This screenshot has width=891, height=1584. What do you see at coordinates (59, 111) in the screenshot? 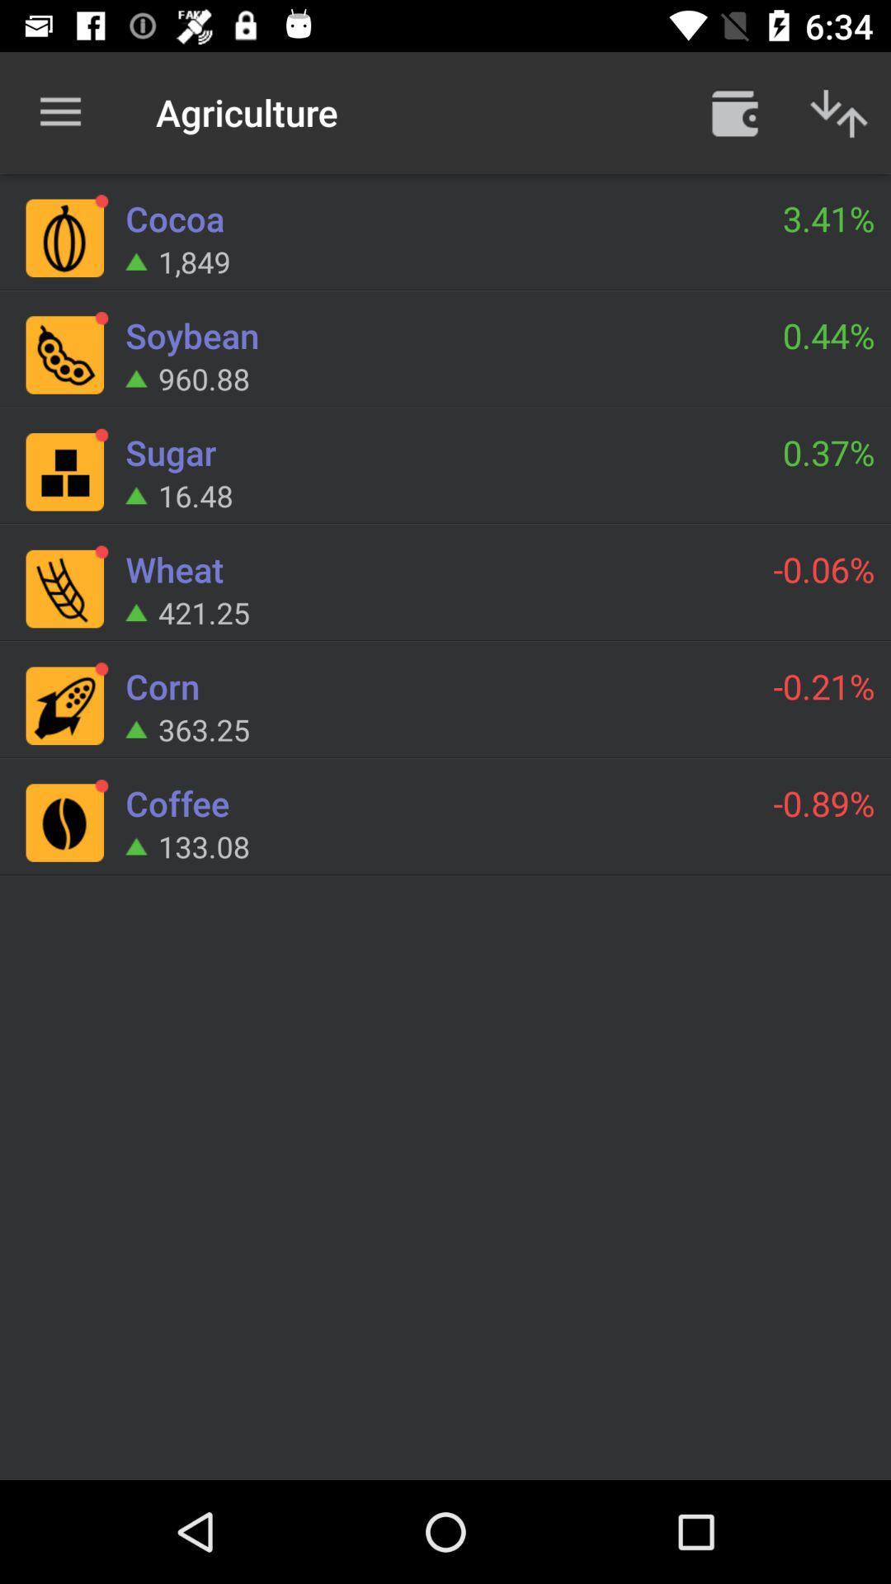
I see `app to the left of agriculture` at bounding box center [59, 111].